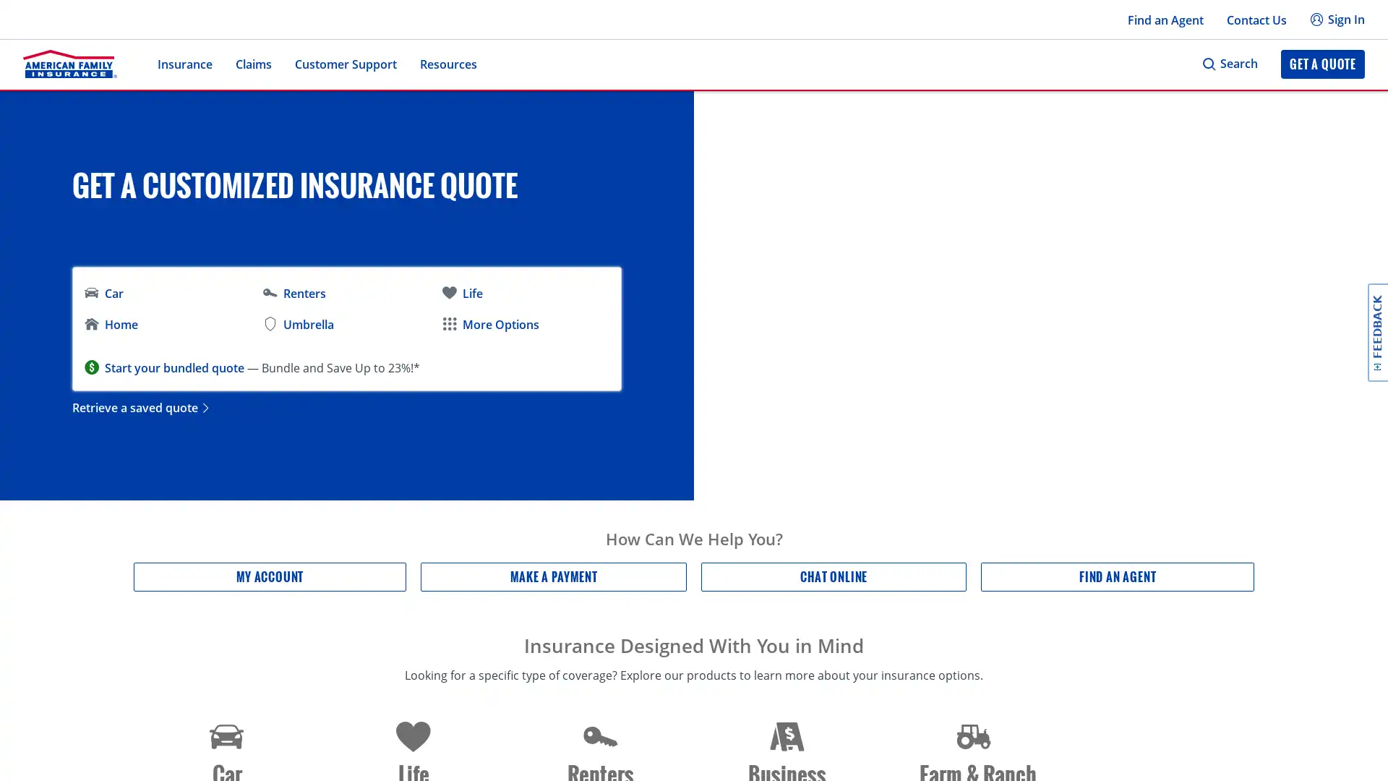 This screenshot has width=1388, height=781. I want to click on Retrieve a saved quote, so click(142, 407).